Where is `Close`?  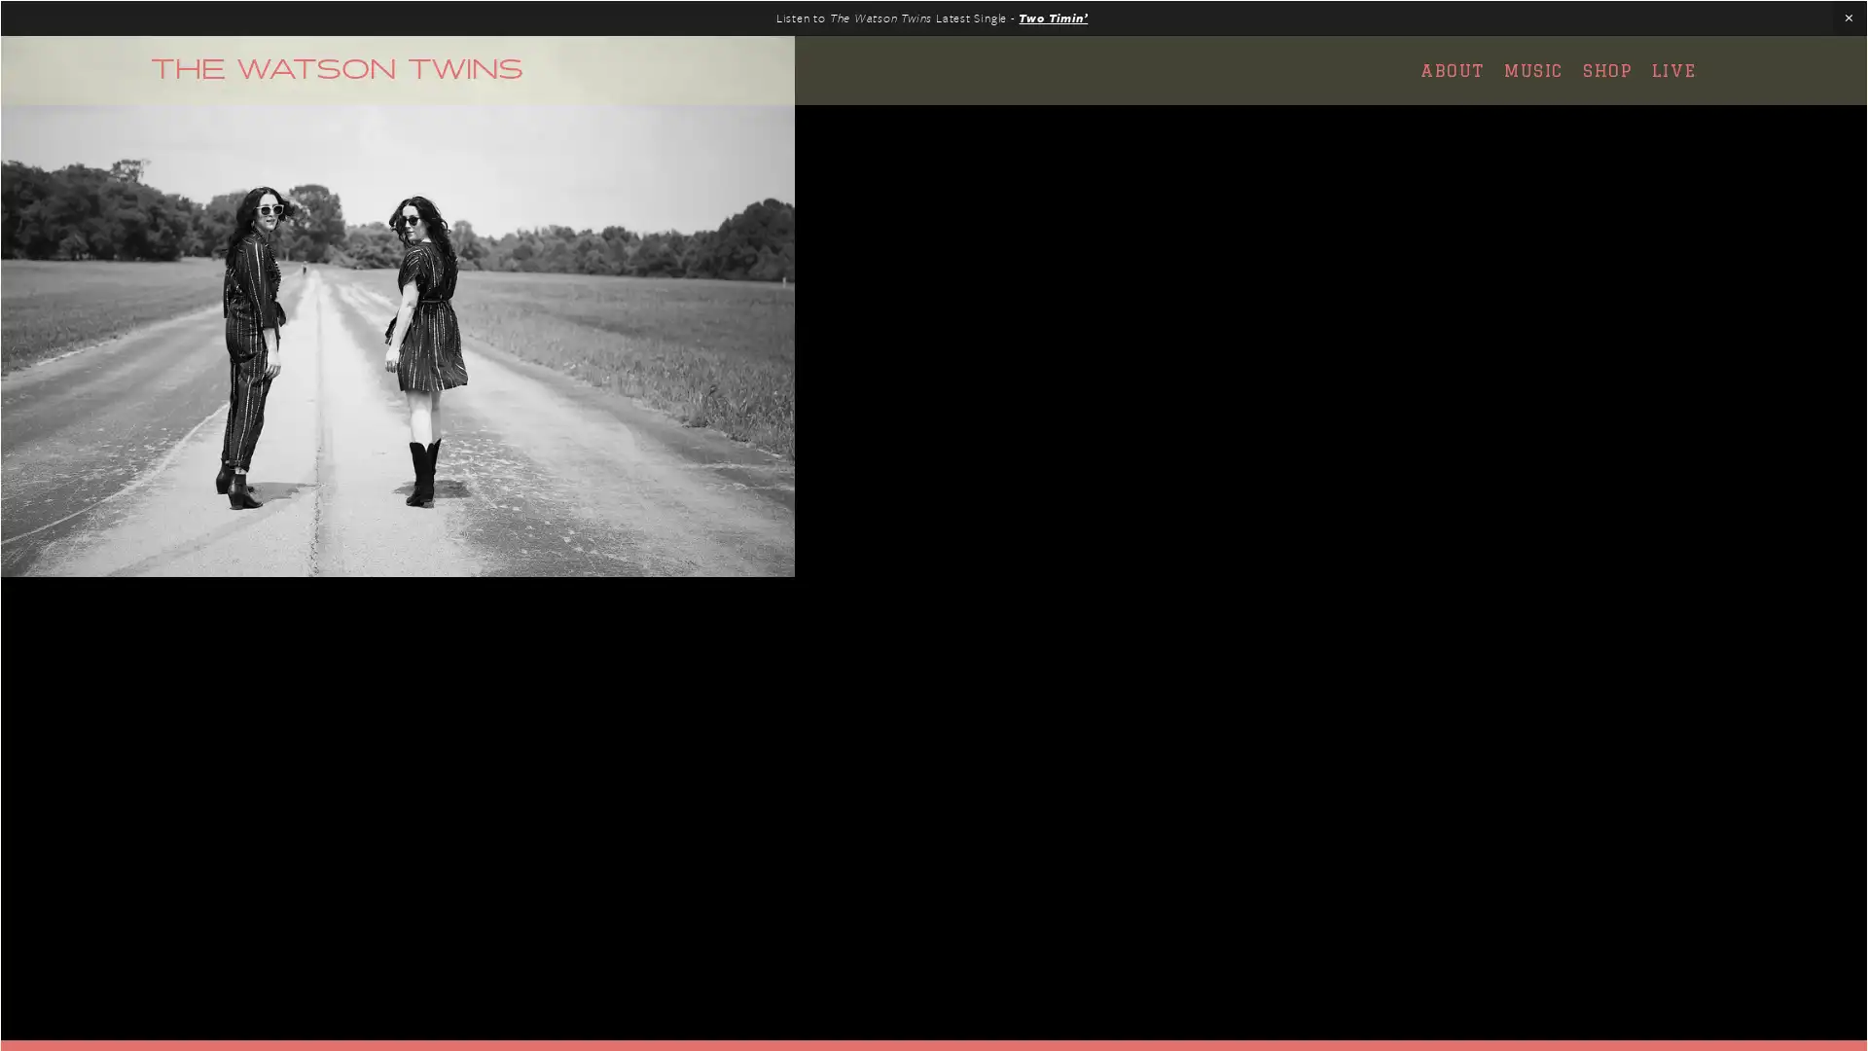 Close is located at coordinates (1275, 277).